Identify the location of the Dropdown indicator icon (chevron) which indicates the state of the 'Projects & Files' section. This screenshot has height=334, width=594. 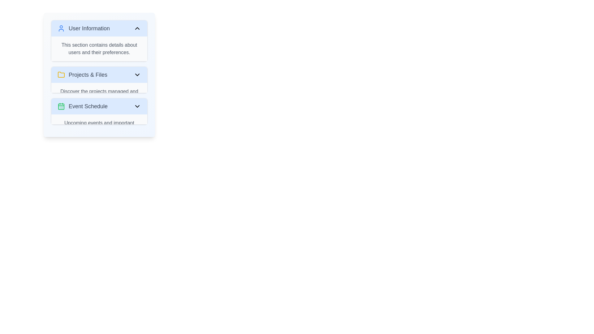
(137, 75).